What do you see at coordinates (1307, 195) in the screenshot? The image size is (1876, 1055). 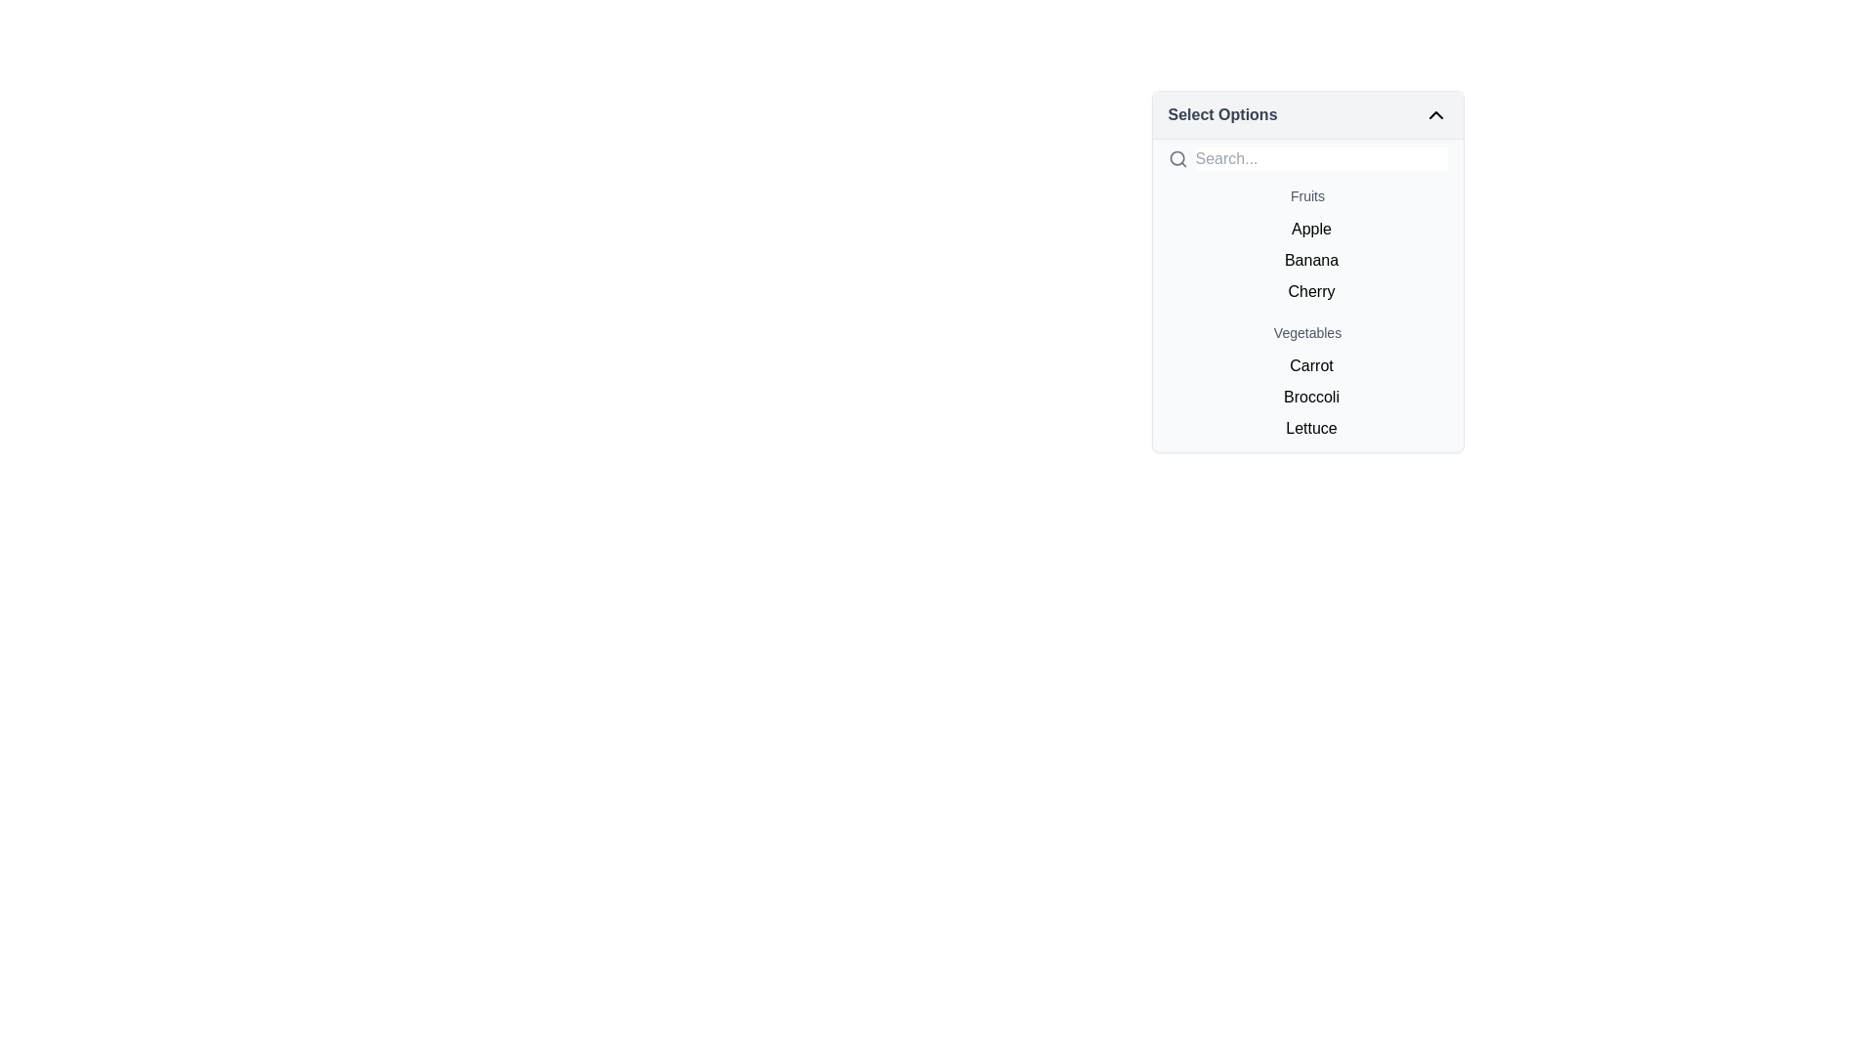 I see `the categorical text label that serves as a header for the dropdown items, positioned directly under the search input field` at bounding box center [1307, 195].